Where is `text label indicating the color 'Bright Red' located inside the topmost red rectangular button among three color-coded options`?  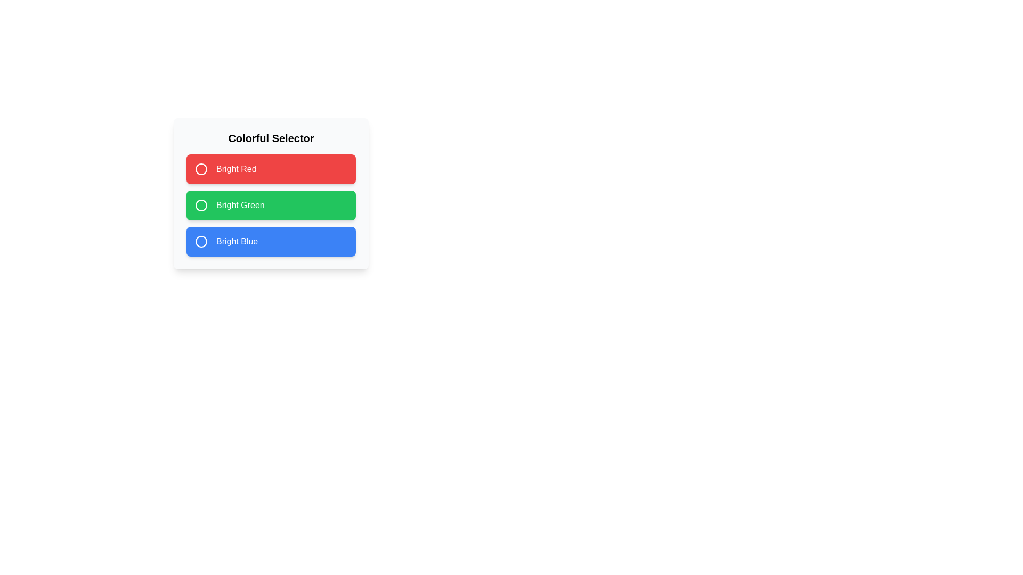 text label indicating the color 'Bright Red' located inside the topmost red rectangular button among three color-coded options is located at coordinates (236, 168).